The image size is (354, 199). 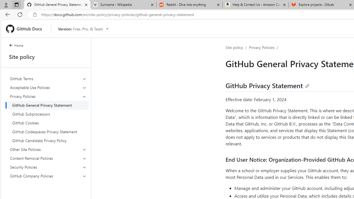 What do you see at coordinates (48, 150) in the screenshot?
I see `'Other Site Policies'` at bounding box center [48, 150].